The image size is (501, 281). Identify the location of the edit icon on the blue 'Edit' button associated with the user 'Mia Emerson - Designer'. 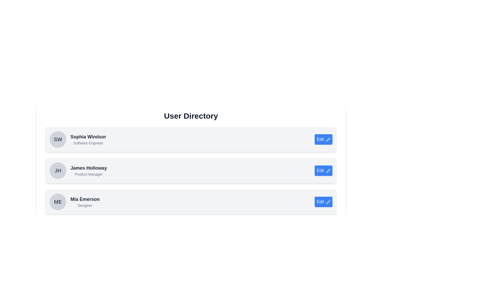
(328, 201).